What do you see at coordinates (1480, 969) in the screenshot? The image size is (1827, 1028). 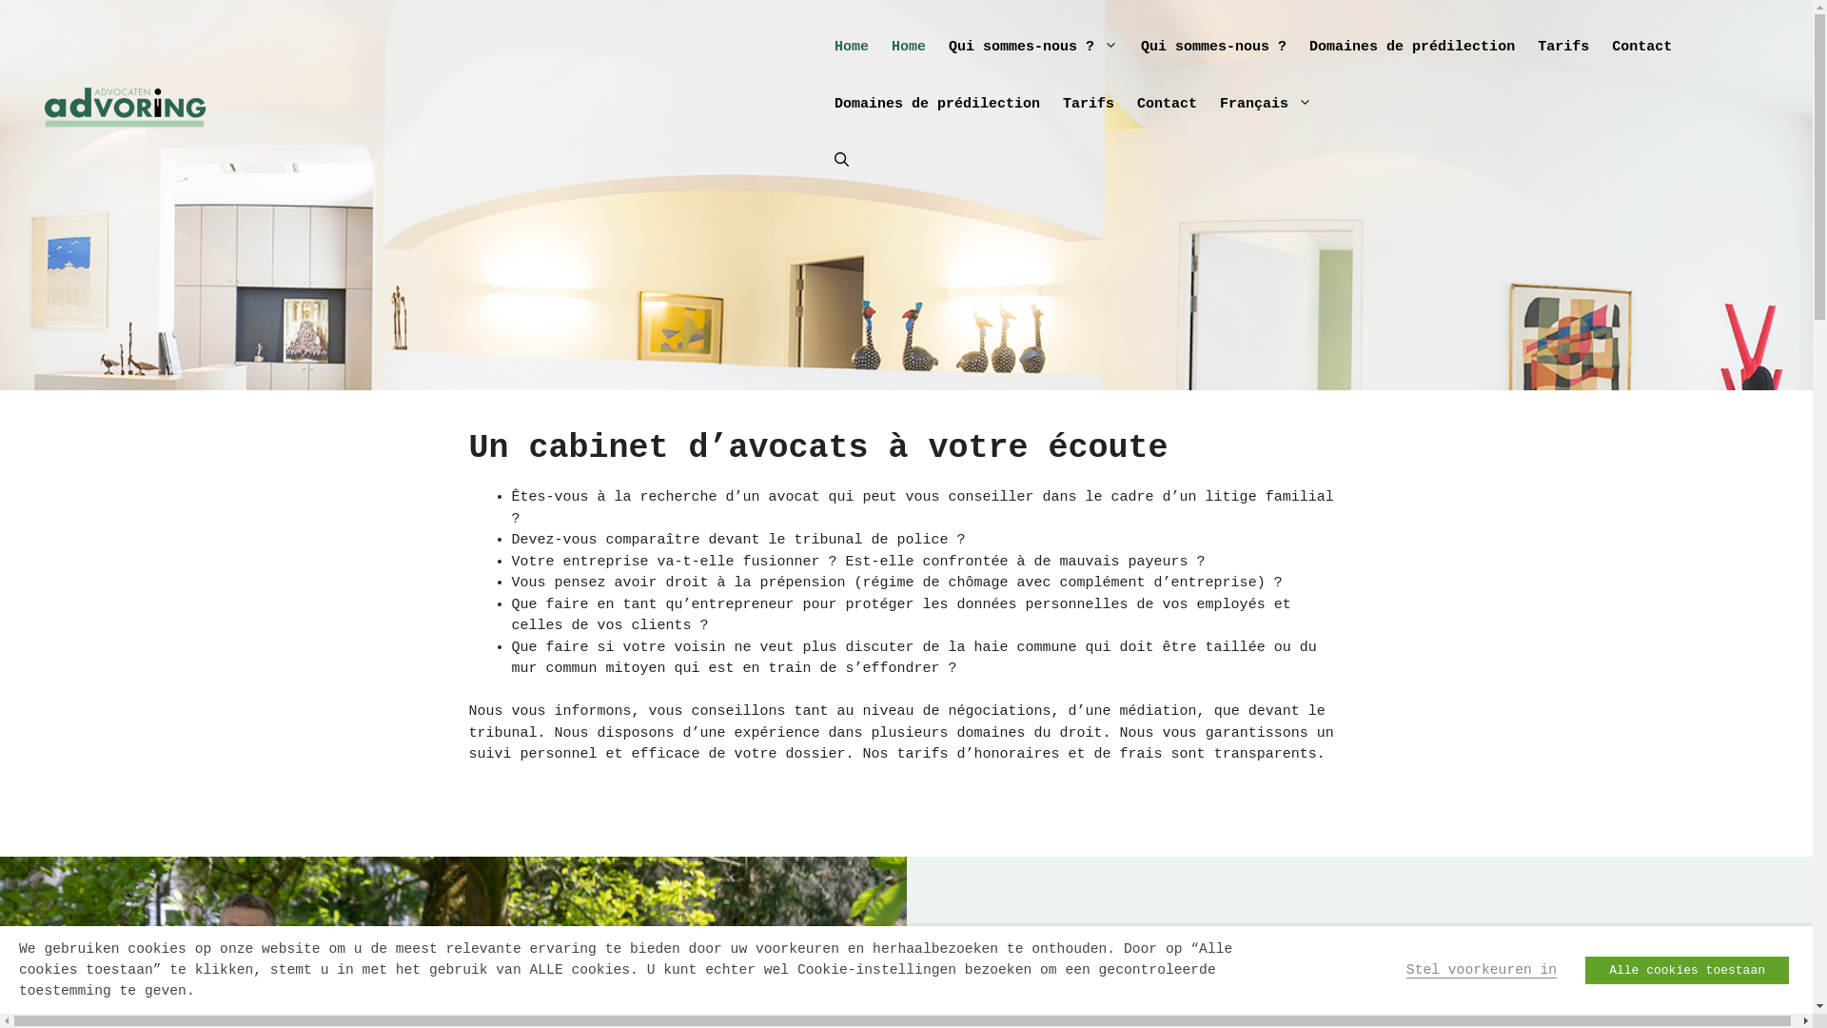 I see `'Stel voorkeuren in'` at bounding box center [1480, 969].